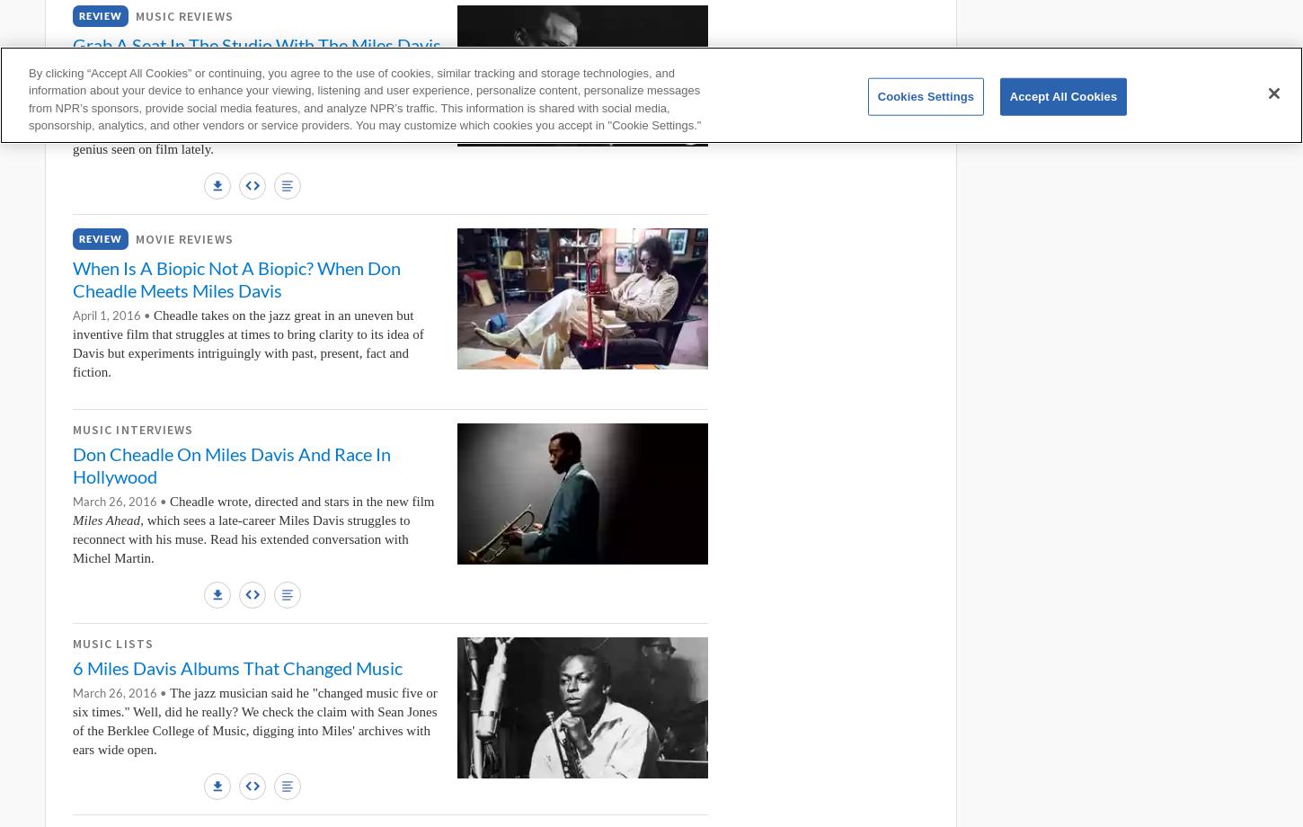 Image resolution: width=1303 pixels, height=827 pixels. What do you see at coordinates (132, 429) in the screenshot?
I see `'Music Interviews'` at bounding box center [132, 429].